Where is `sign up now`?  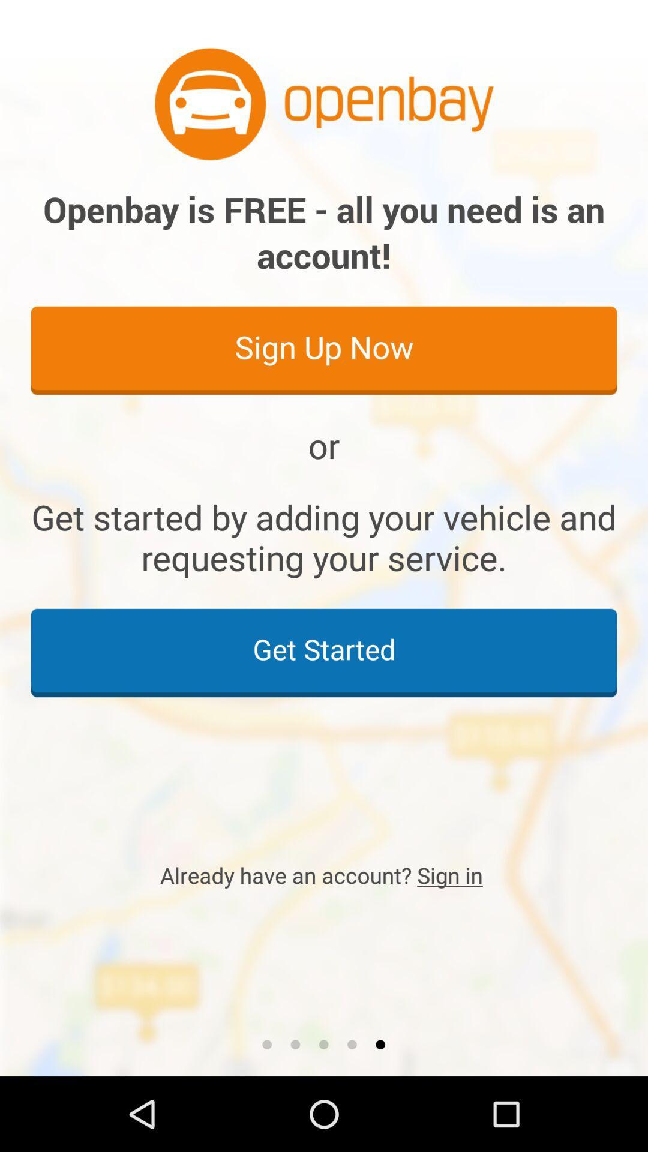
sign up now is located at coordinates (324, 349).